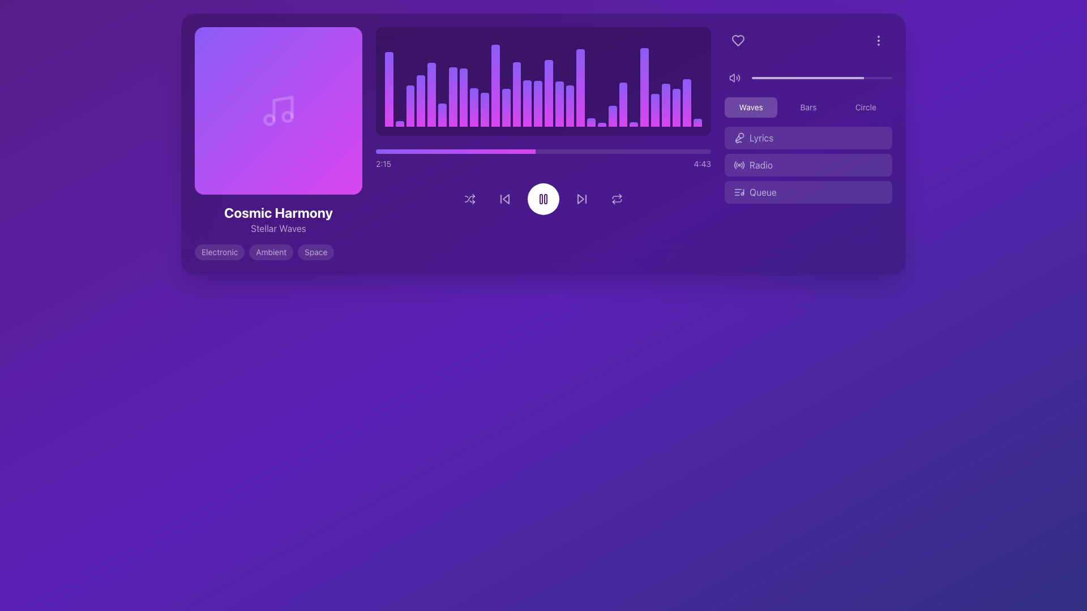  I want to click on the 'Radio' button located in the vertical list of buttons on the right side of the interface, positioned as the second item from the top, so click(808, 165).